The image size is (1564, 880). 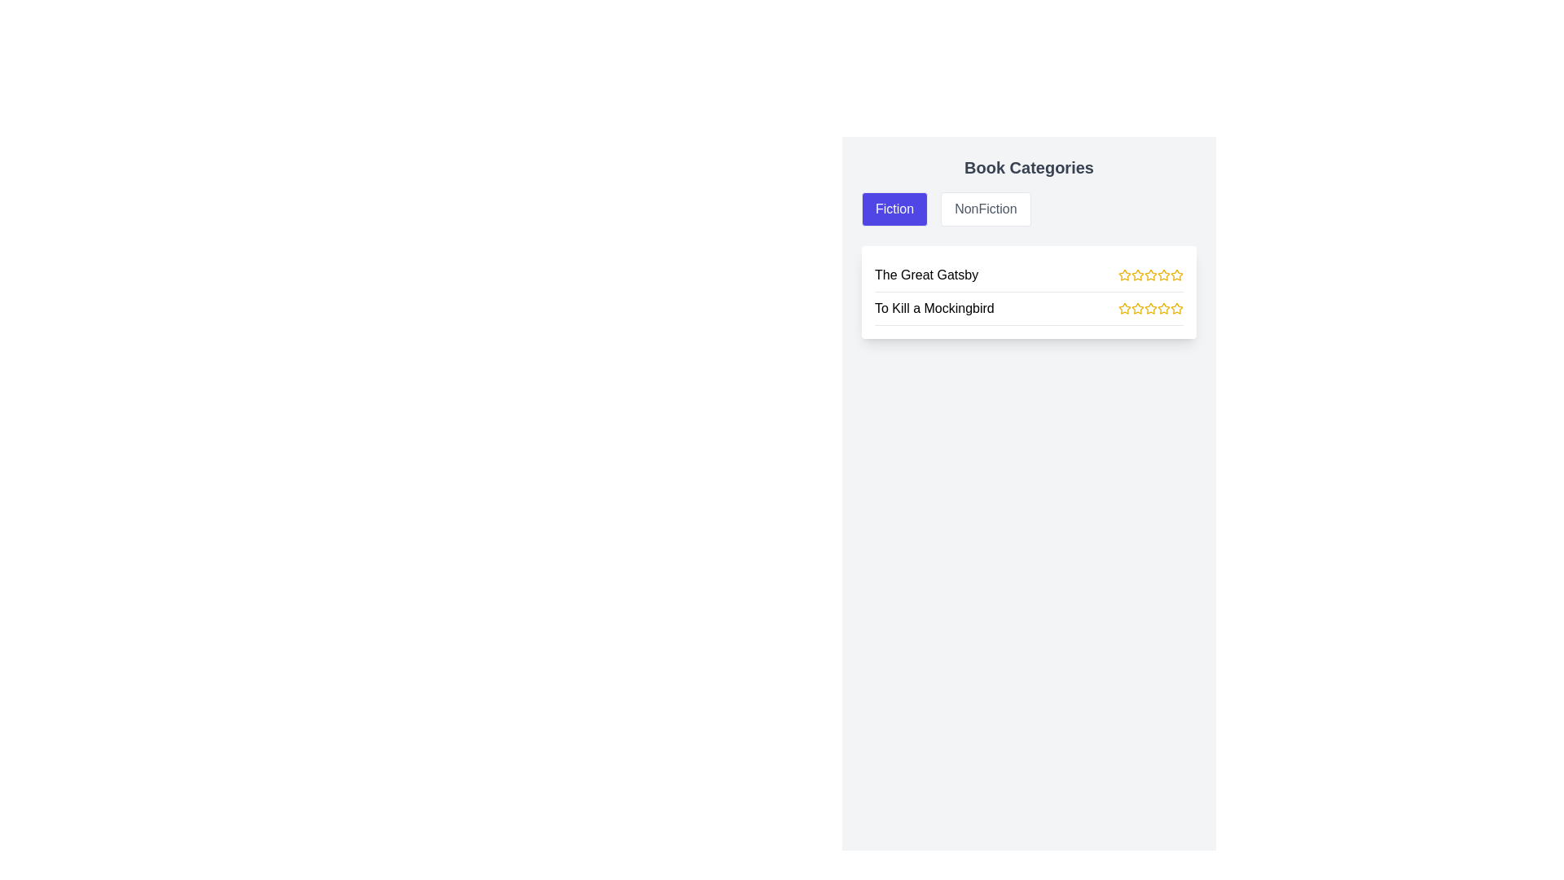 I want to click on the second star icon in the rating section for the book 'To Kill a Mockingbird', so click(x=1149, y=308).